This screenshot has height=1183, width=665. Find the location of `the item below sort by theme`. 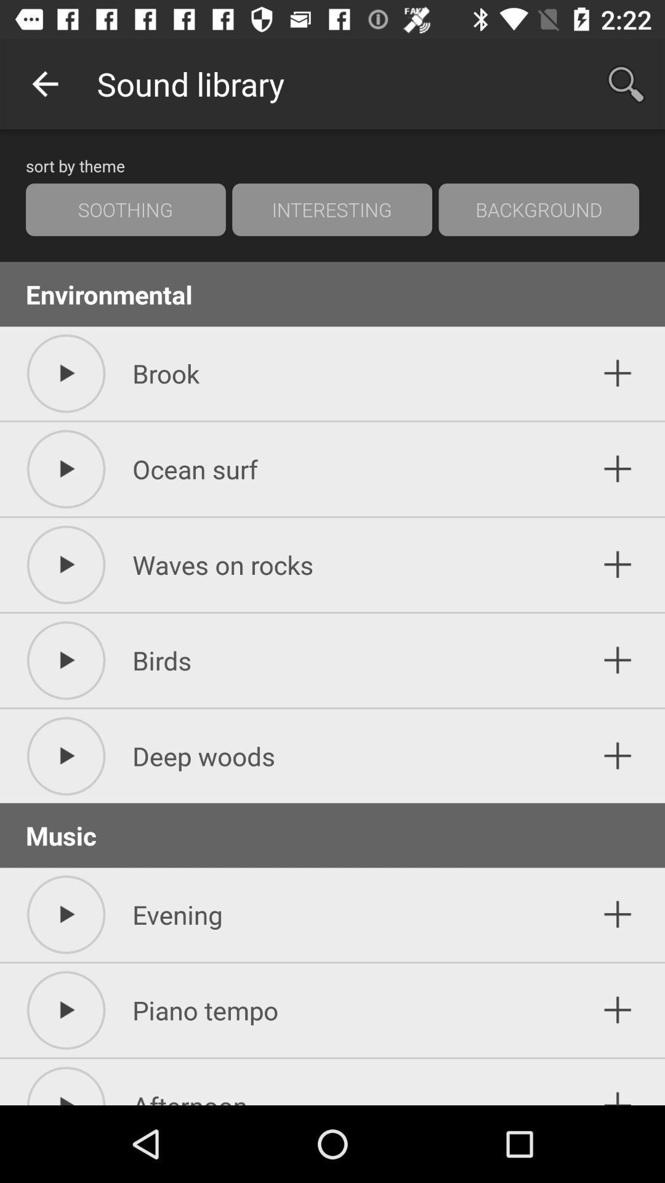

the item below sort by theme is located at coordinates (331, 209).